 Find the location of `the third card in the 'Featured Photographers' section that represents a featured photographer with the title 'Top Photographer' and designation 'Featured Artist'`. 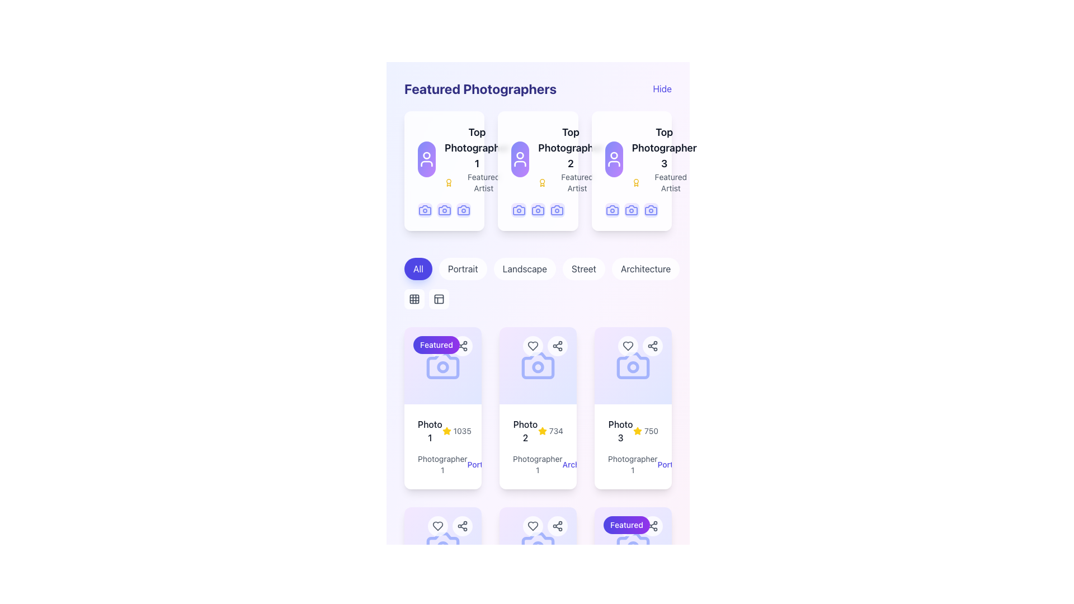

the third card in the 'Featured Photographers' section that represents a featured photographer with the title 'Top Photographer' and designation 'Featured Artist' is located at coordinates (664, 159).